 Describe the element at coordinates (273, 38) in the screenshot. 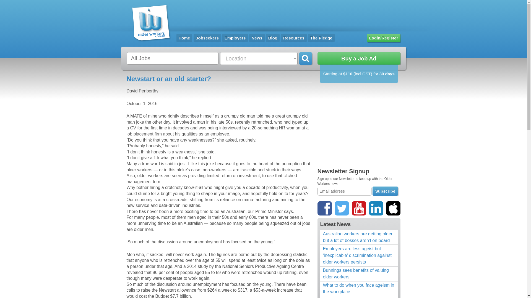

I see `'Blog'` at that location.